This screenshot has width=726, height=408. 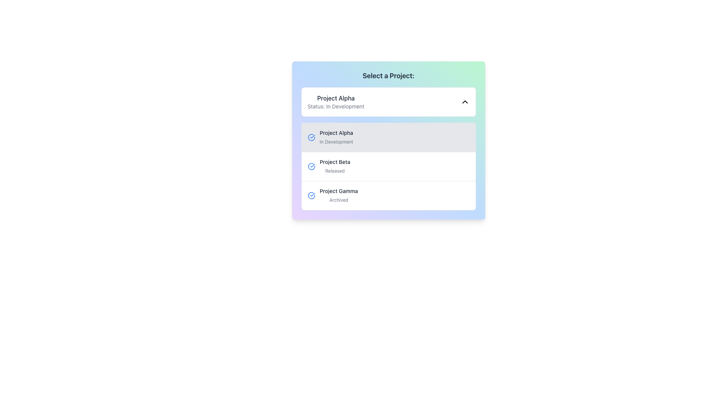 What do you see at coordinates (335, 102) in the screenshot?
I see `the informative text block displaying the currently selected project name and status, which is the first entry in the dropdown menu` at bounding box center [335, 102].